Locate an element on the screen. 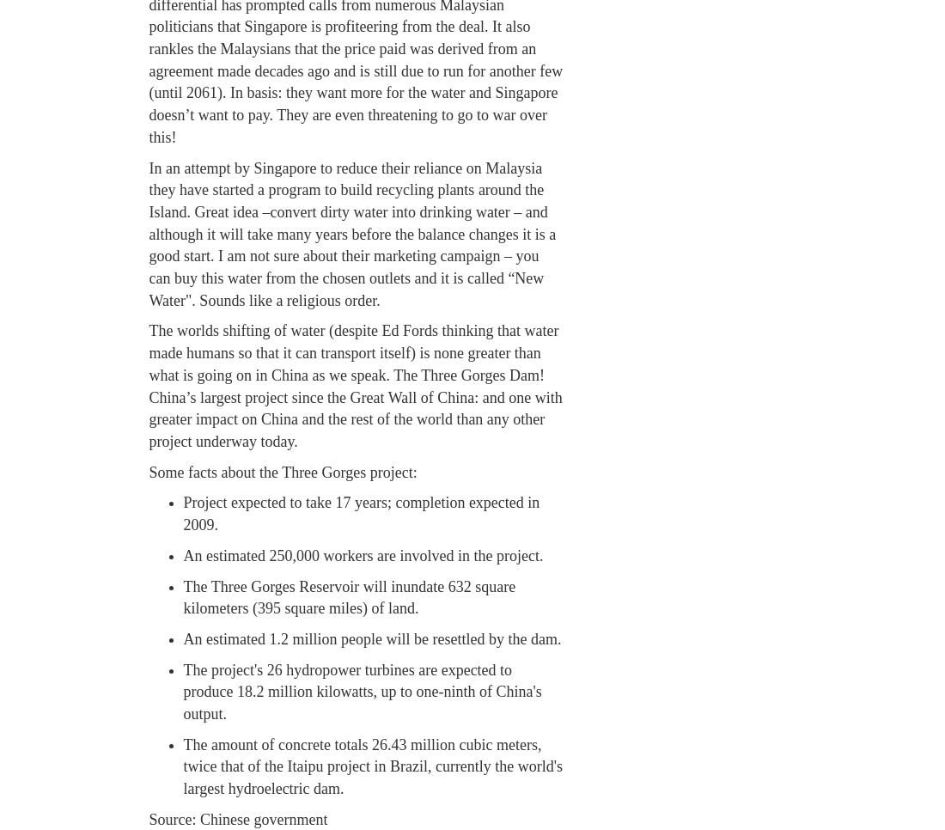 The width and height of the screenshot is (945, 830). 'An estimated 250,000 workers are involved in the project.' is located at coordinates (182, 553).